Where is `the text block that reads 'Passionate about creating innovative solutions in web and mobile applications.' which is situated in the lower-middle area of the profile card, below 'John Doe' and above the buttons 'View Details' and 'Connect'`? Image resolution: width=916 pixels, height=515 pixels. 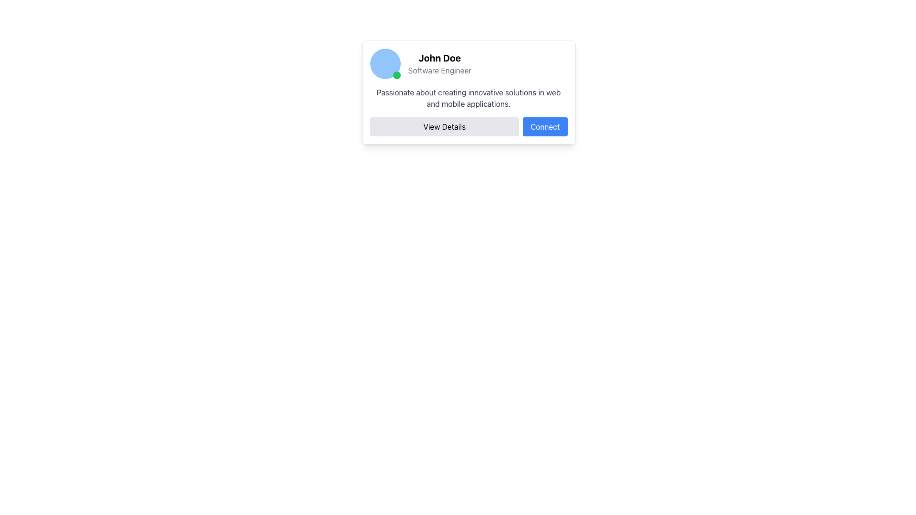 the text block that reads 'Passionate about creating innovative solutions in web and mobile applications.' which is situated in the lower-middle area of the profile card, below 'John Doe' and above the buttons 'View Details' and 'Connect' is located at coordinates (468, 98).